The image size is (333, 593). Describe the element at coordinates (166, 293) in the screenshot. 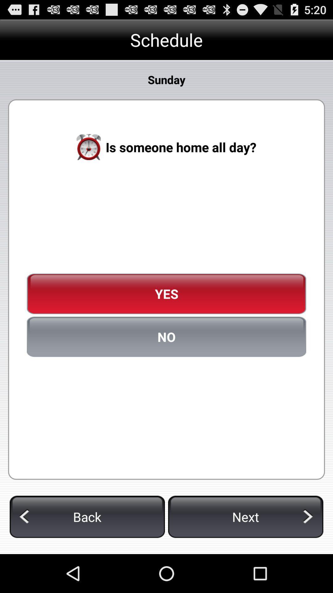

I see `yes icon` at that location.